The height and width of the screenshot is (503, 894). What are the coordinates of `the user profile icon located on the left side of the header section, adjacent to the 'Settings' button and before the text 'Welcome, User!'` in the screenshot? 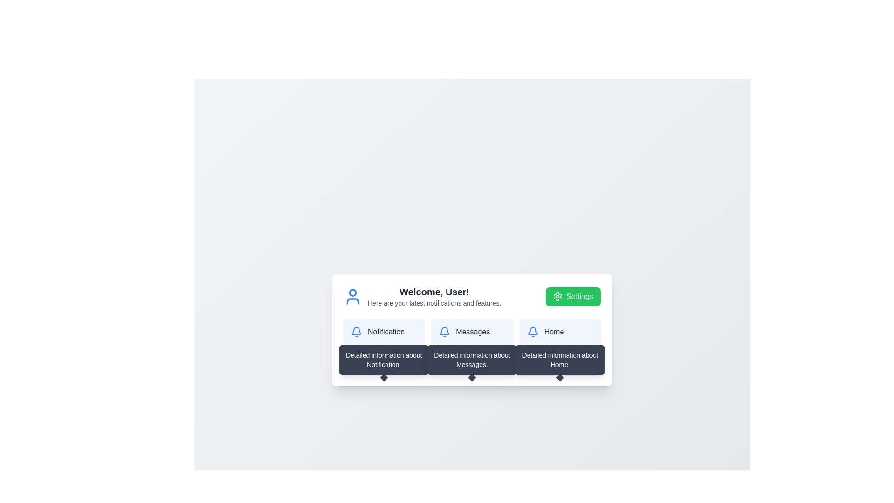 It's located at (352, 296).